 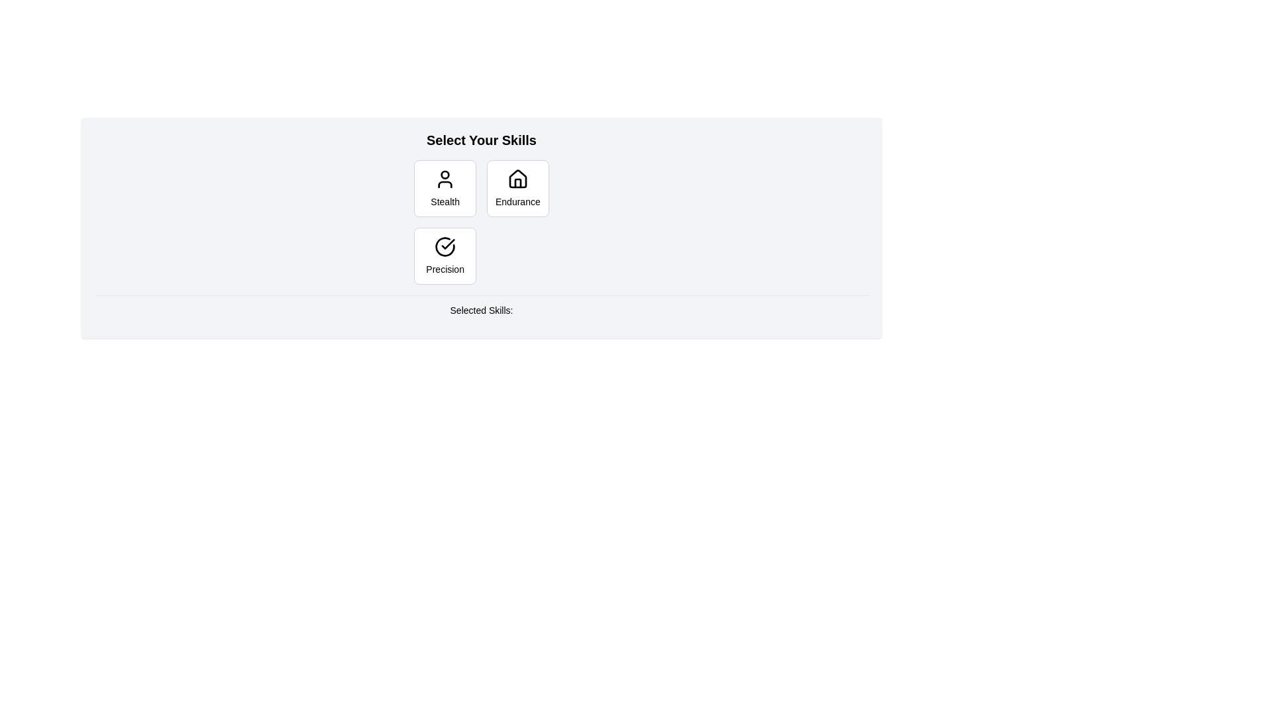 I want to click on the 'Endurance' skill icon, which is the second icon in a row of selectable skills, located to the right of the person icon, so click(x=517, y=179).